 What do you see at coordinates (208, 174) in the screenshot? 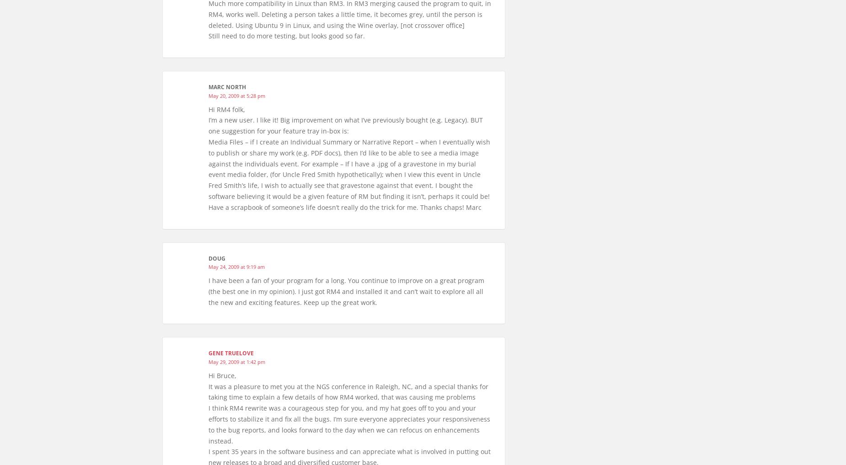
I see `'Media Files – if I create an Individual Summary or Narrative Report – when I eventually wish to publish or share my work (e.g. PDF docs), then I’d like to be able to see a media image against the individuals event. For example – If I have a .jpg of a gravestone in my burial event media folder, (for Uncle Fred Smith hypothetically); when I view this event in Uncle Fred Smith’s life, I wish to actually see that gravestone against that event. I bought the software believing it would be a given feature of RM but finding it isn’t, perhaps it could be! Have a scrapbook of someone’s life doesn’t really do the trick for me. Thanks chaps! Marc'` at bounding box center [208, 174].